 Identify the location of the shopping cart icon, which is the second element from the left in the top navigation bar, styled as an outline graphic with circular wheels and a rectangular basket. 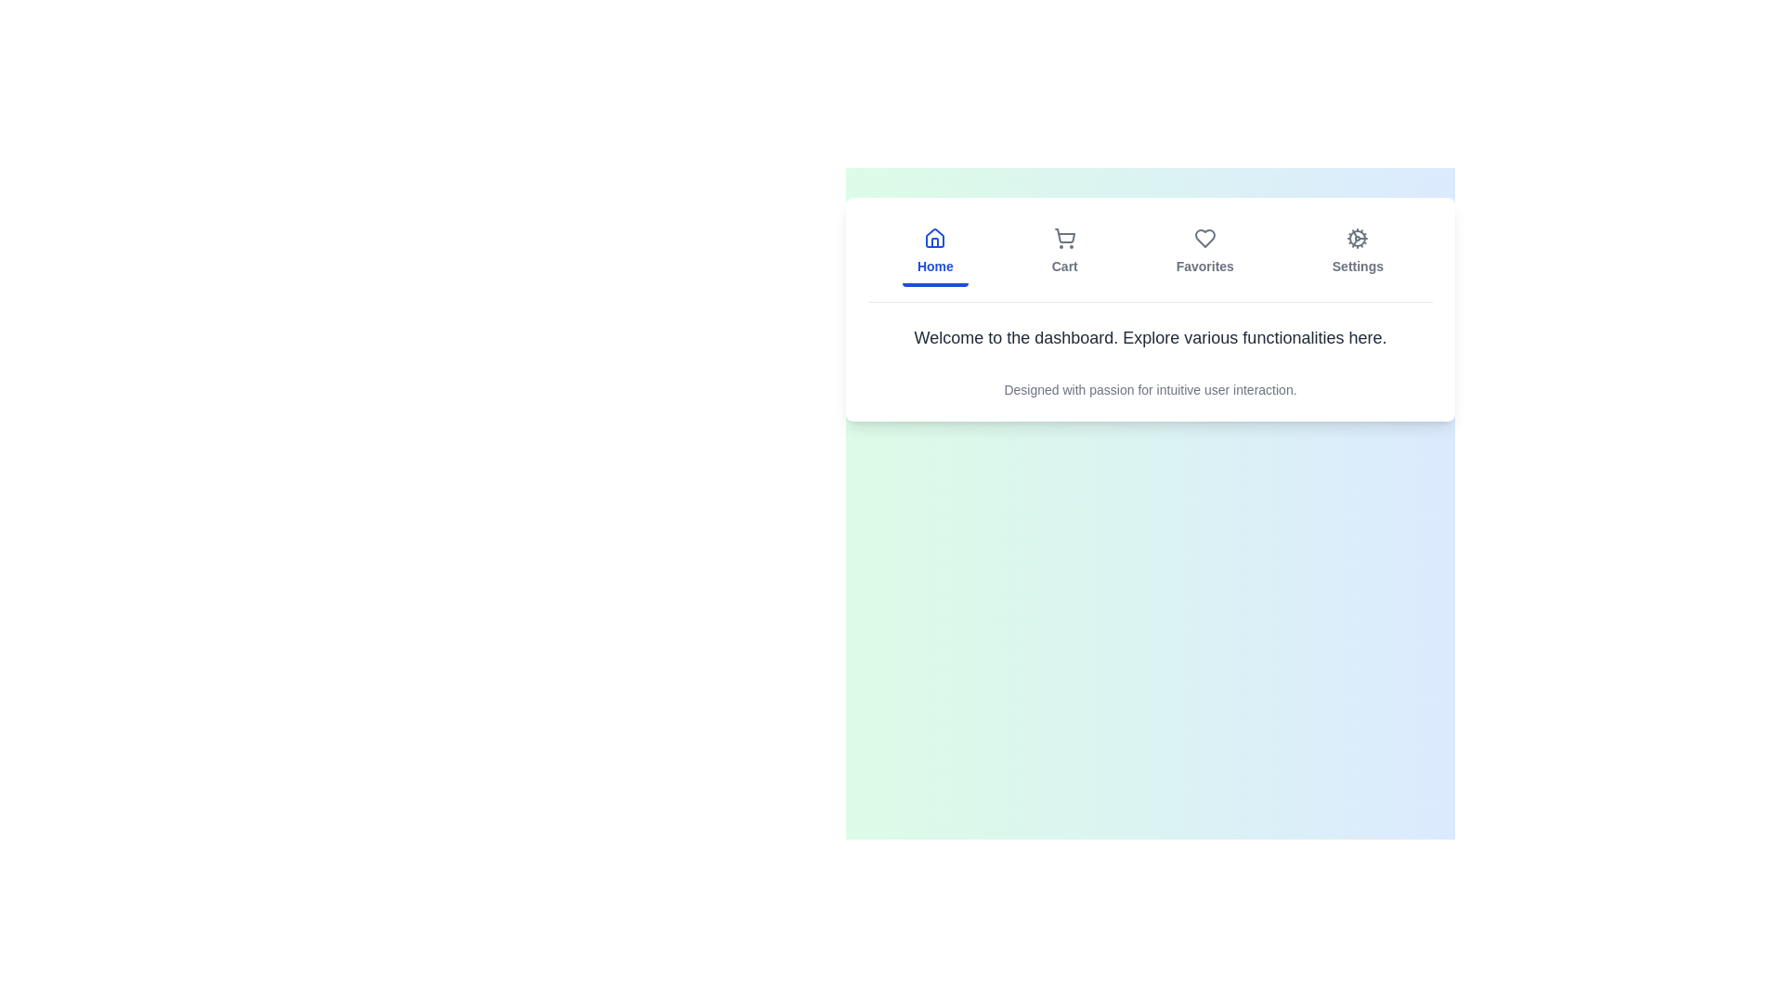
(1064, 238).